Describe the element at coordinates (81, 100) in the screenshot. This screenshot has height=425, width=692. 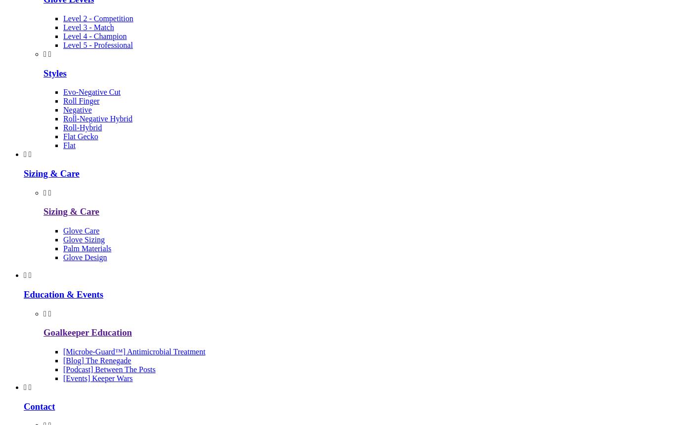
I see `'Roll Finger'` at that location.